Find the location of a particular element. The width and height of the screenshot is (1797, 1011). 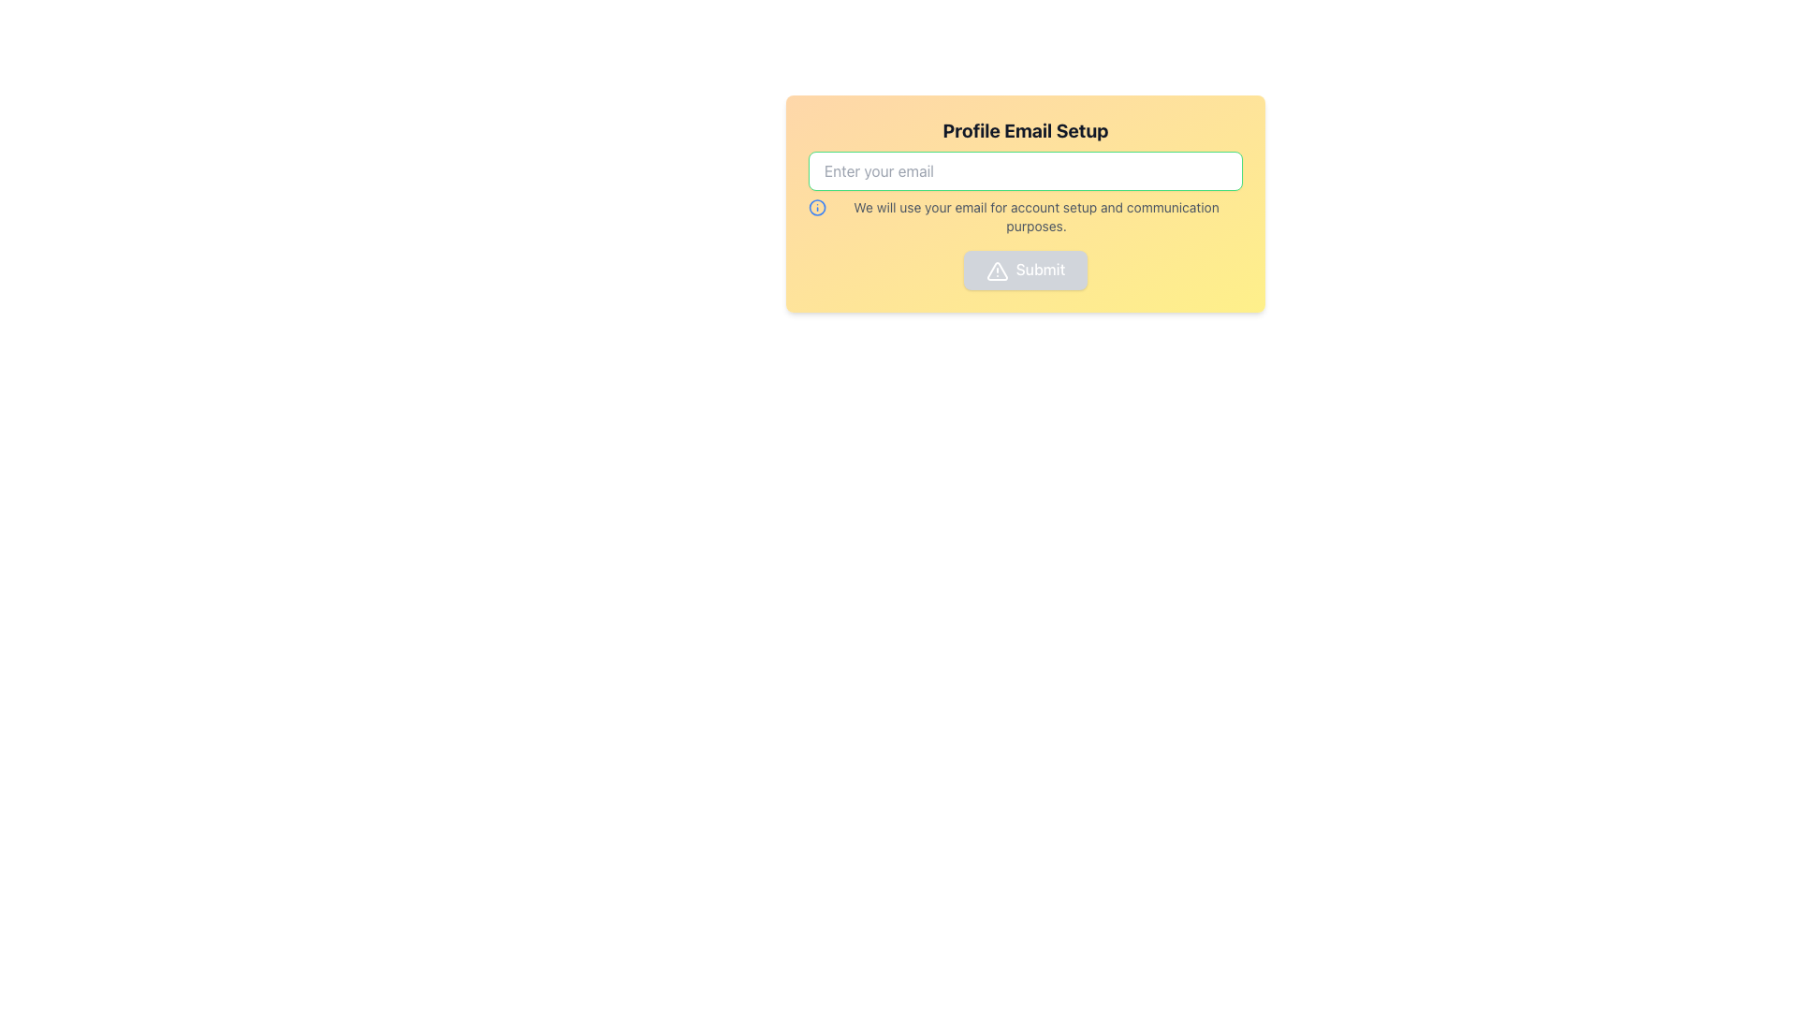

the icon located within the 'Submit' button is located at coordinates (996, 271).